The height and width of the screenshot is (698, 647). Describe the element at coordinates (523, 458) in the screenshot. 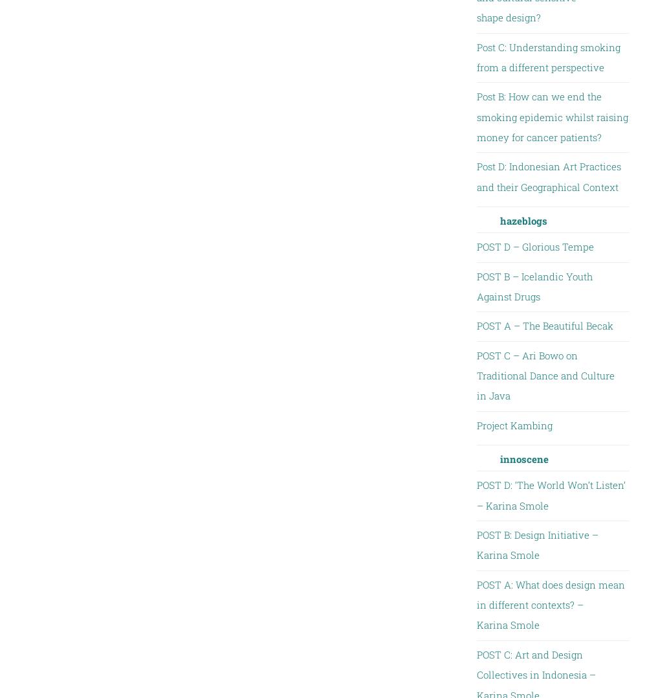

I see `'innoscene'` at that location.